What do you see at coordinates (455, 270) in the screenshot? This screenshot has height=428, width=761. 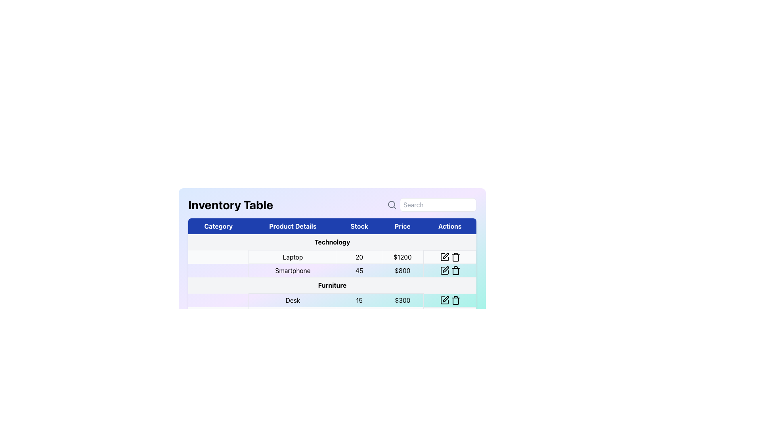 I see `the trash icon button located in the 'Actions' column of the table associated with the 'Smartphone' row` at bounding box center [455, 270].